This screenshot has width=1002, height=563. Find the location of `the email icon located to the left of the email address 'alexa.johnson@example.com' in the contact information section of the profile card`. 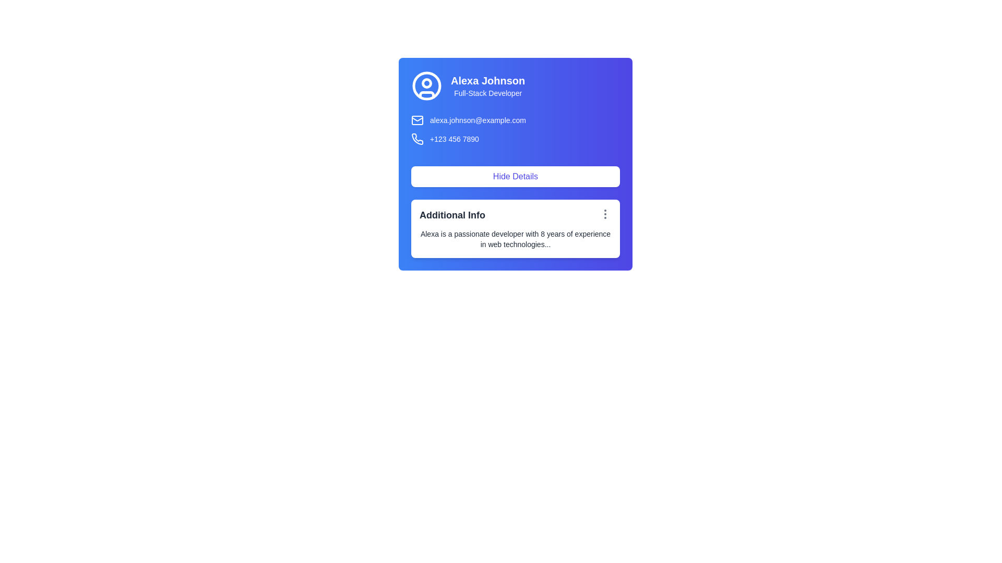

the email icon located to the left of the email address 'alexa.johnson@example.com' in the contact information section of the profile card is located at coordinates (417, 120).